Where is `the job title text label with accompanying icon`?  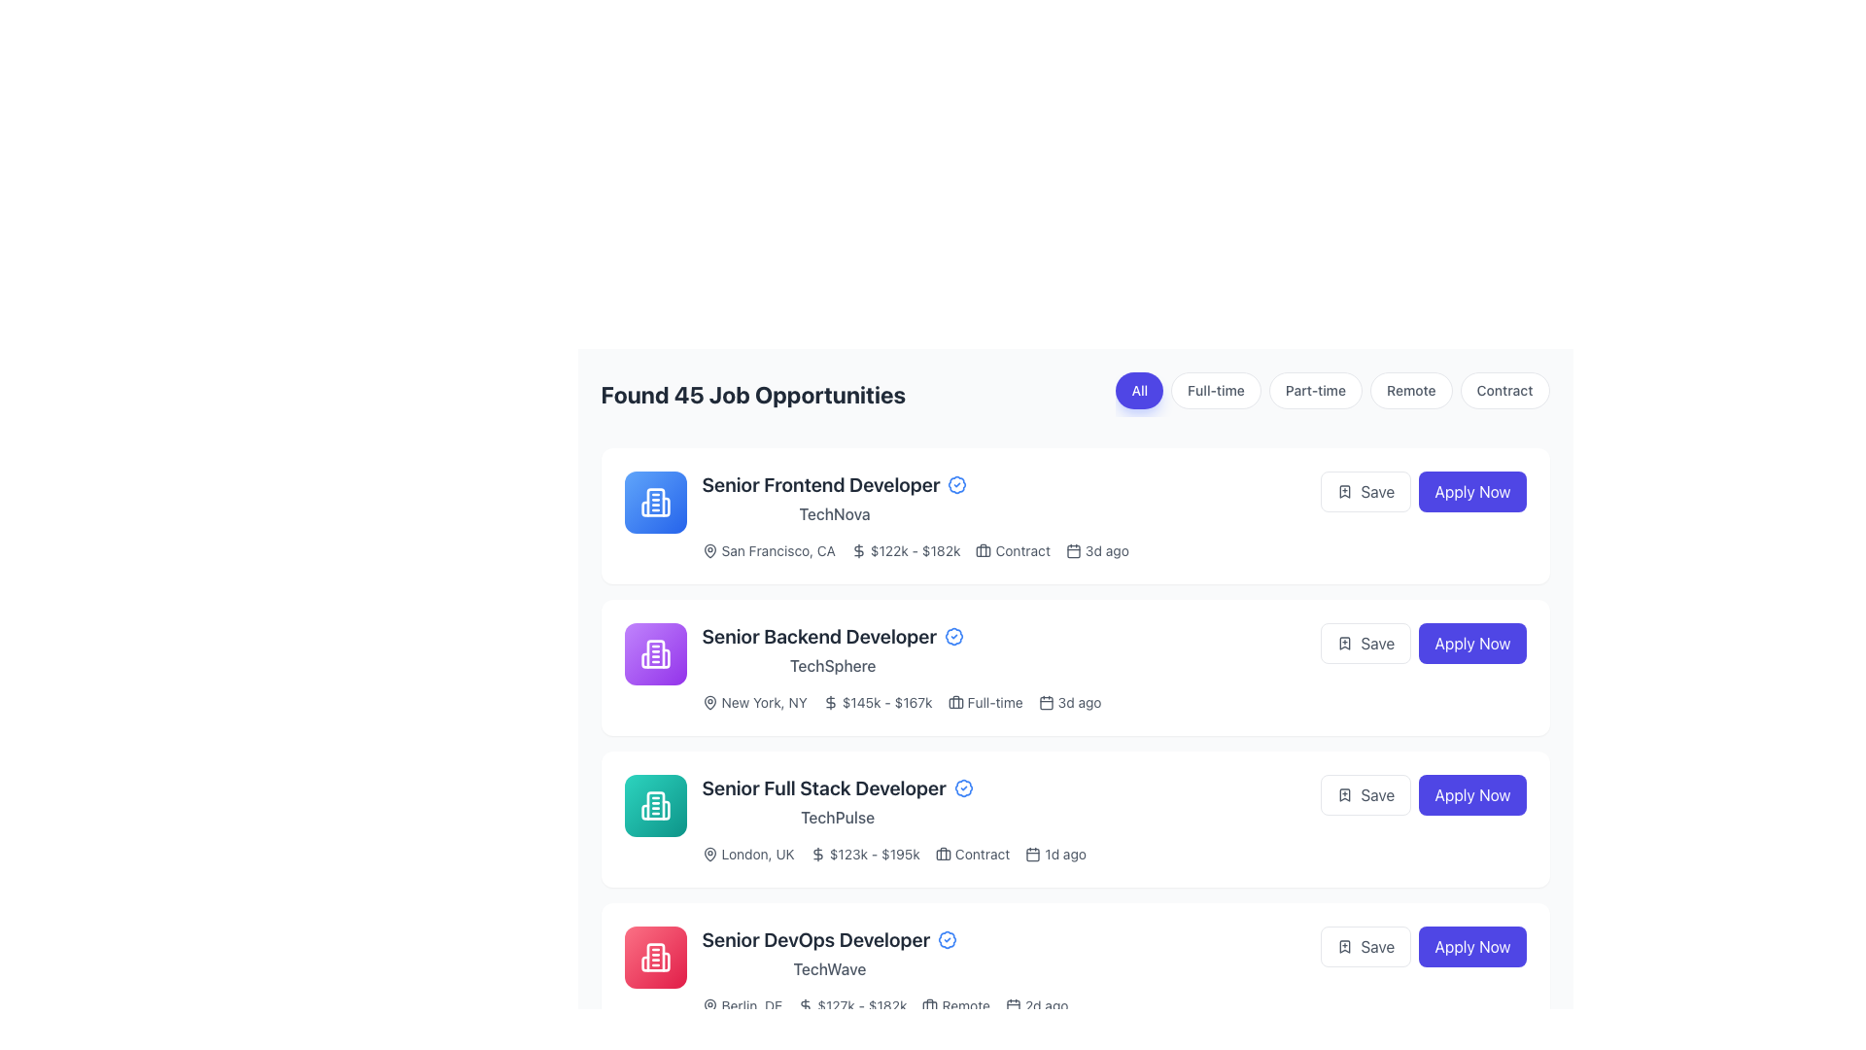
the job title text label with accompanying icon is located at coordinates (829, 939).